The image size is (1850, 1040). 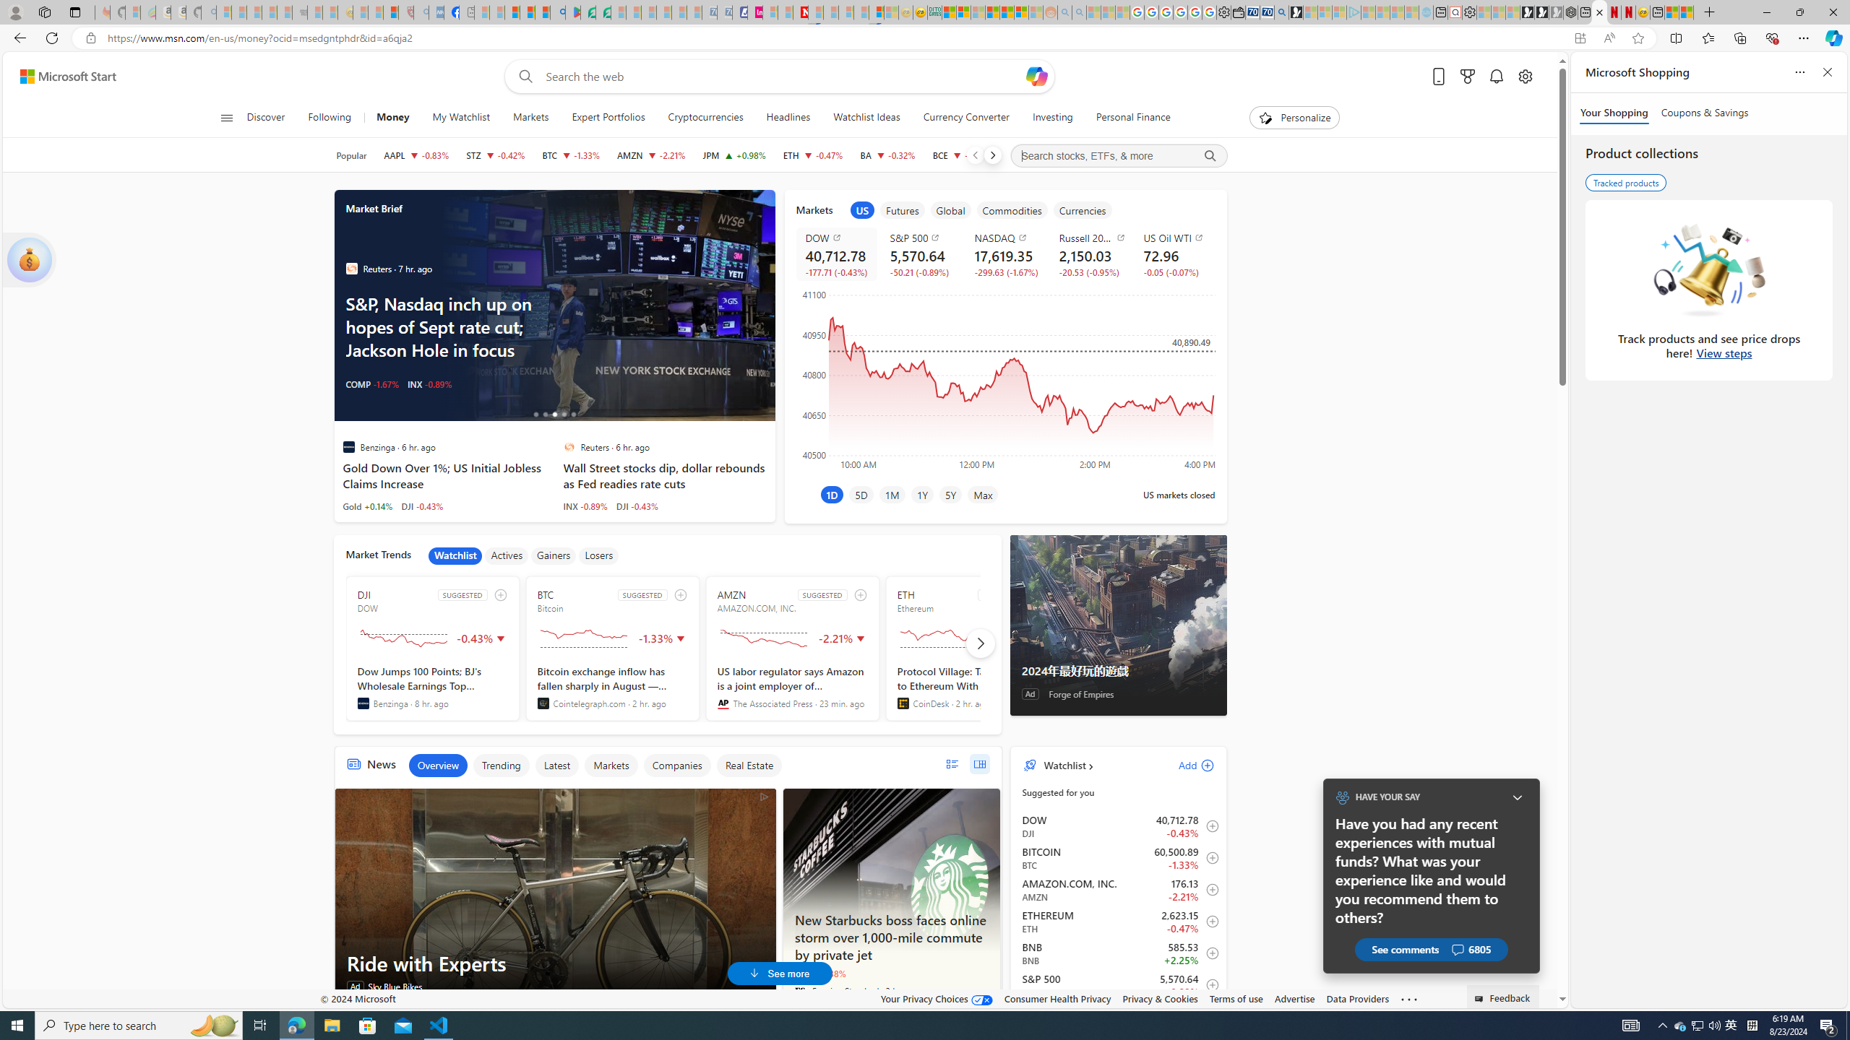 I want to click on 'AMZN SUGGESTED AMAZON.COM, INC.', so click(x=792, y=647).